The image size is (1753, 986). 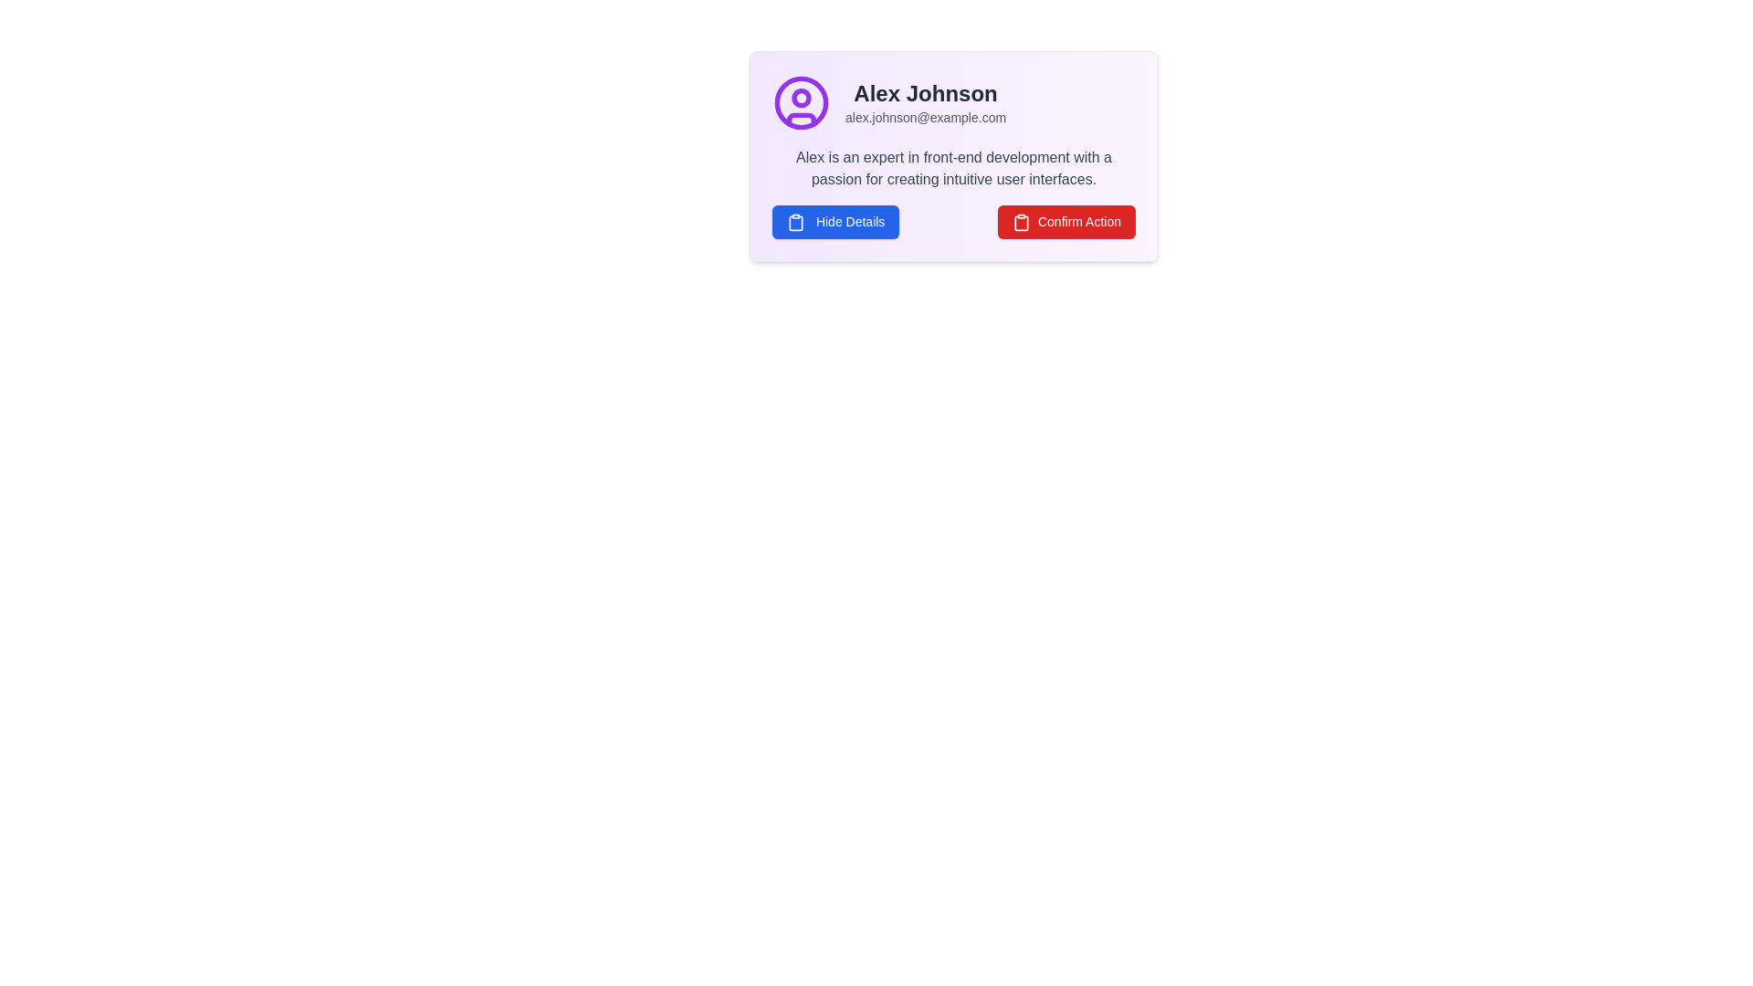 I want to click on the 'Hide Details' button that encompasses the clipboard icon located at the bottom-left of the card interface, so click(x=796, y=221).